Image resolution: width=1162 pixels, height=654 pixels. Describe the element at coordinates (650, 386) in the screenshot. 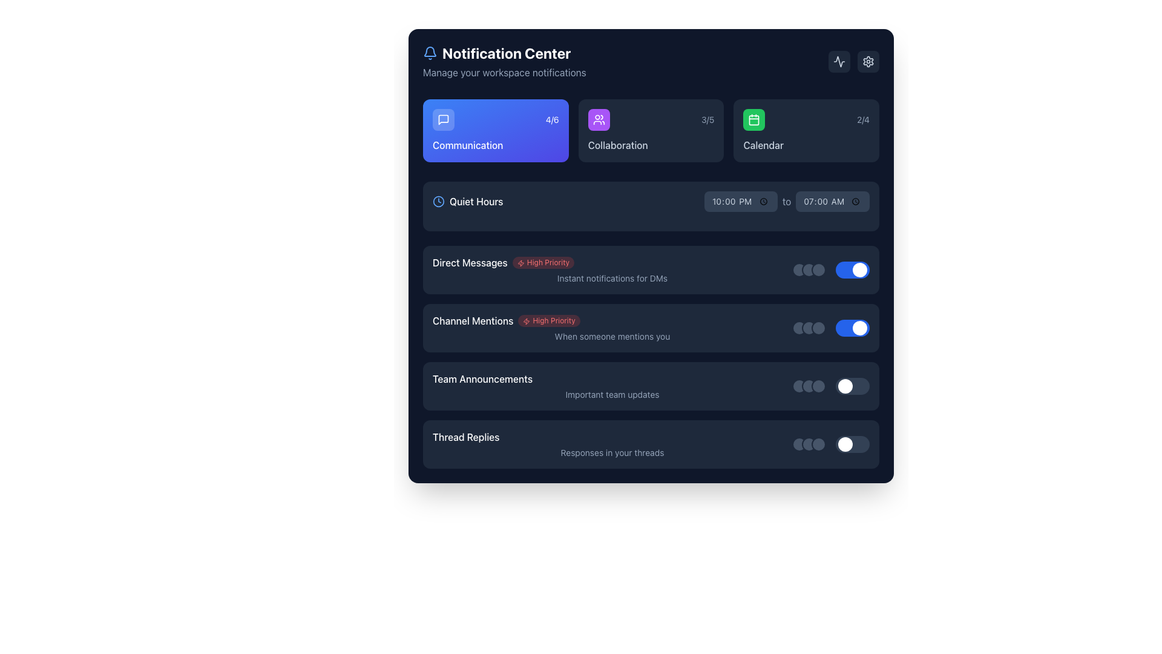

I see `text content of the notification setting related to 'Team Announcements' which explains its purpose as 'Important team updates'` at that location.